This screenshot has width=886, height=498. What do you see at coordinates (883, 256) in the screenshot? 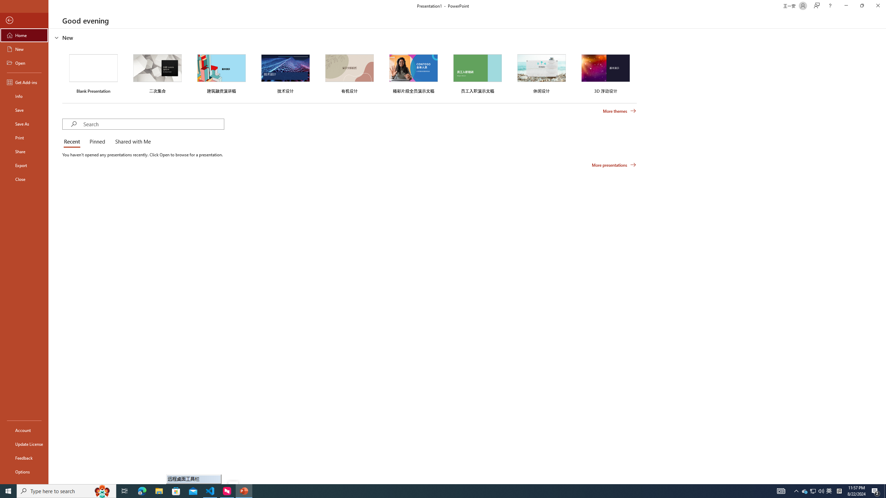
I see `'Class: NetUIScrollBar'` at bounding box center [883, 256].